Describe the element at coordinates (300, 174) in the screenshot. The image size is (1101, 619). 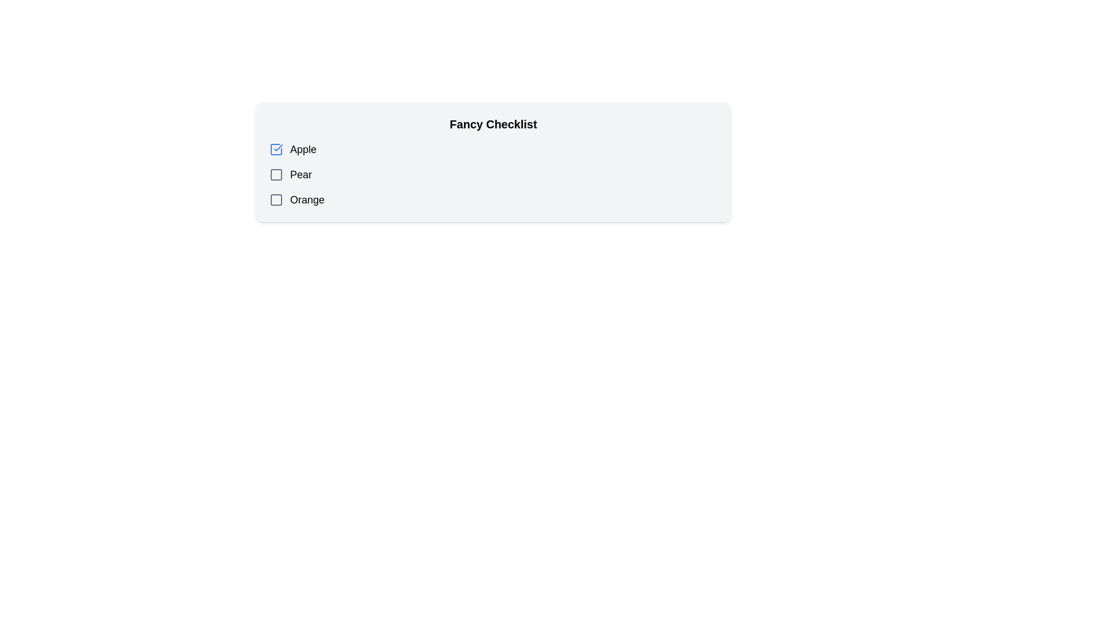
I see `the text label describing the 'Pear' checkbox to interact with the associated checkbox option in the checklist` at that location.